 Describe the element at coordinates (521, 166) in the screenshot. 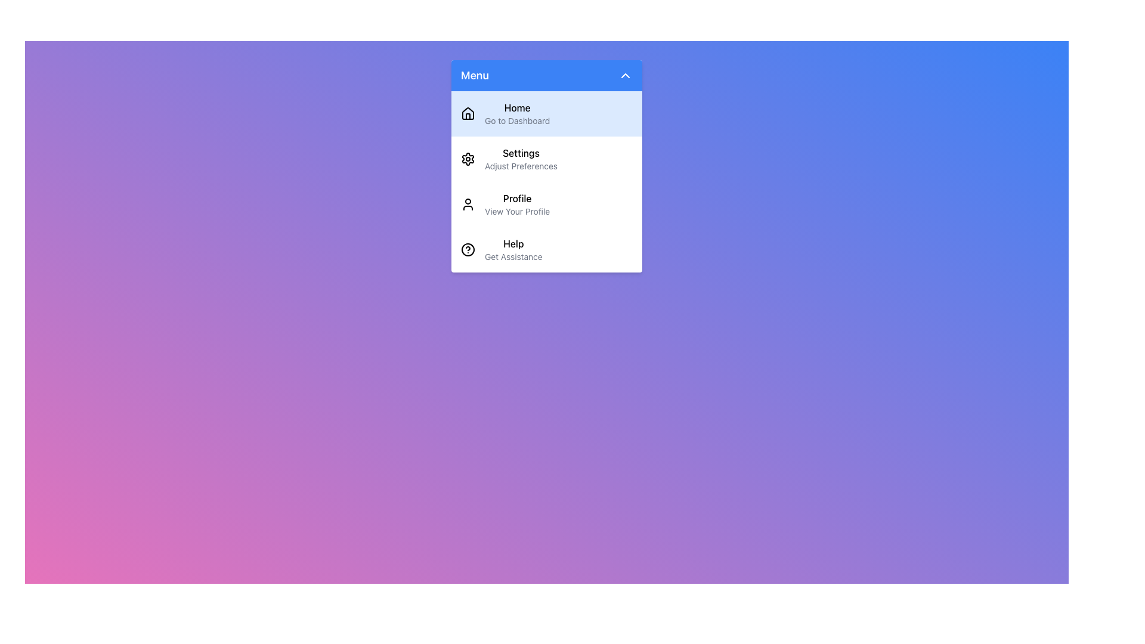

I see `the descriptive text label located beneath the 'Settings' option in the 'Menu' dropdown, which provides information about the 'Settings' section` at that location.